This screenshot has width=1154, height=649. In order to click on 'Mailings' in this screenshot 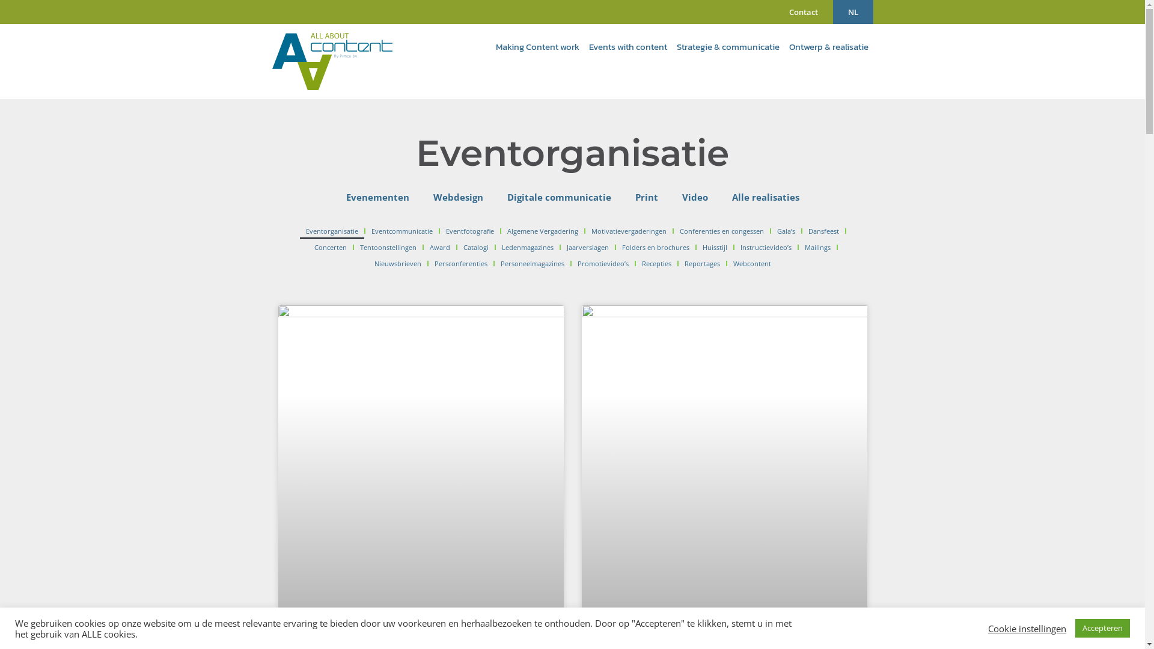, I will do `click(817, 247)`.